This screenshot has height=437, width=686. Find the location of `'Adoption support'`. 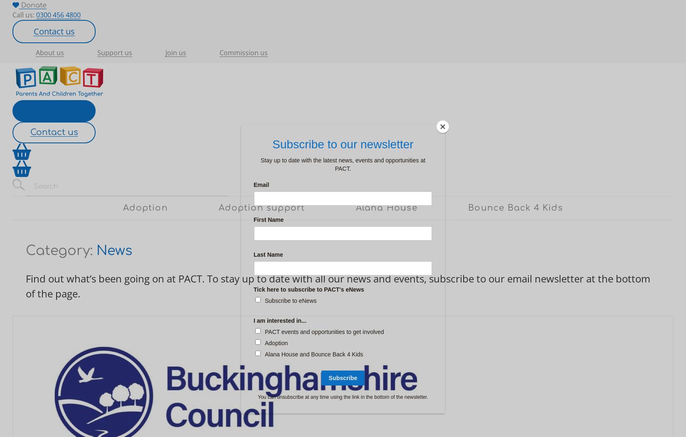

'Adoption support' is located at coordinates (261, 207).